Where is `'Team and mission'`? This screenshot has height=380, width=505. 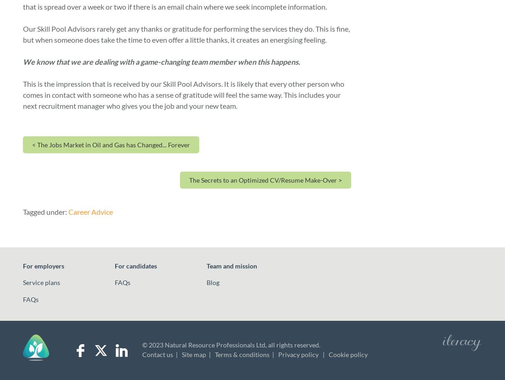 'Team and mission' is located at coordinates (232, 265).